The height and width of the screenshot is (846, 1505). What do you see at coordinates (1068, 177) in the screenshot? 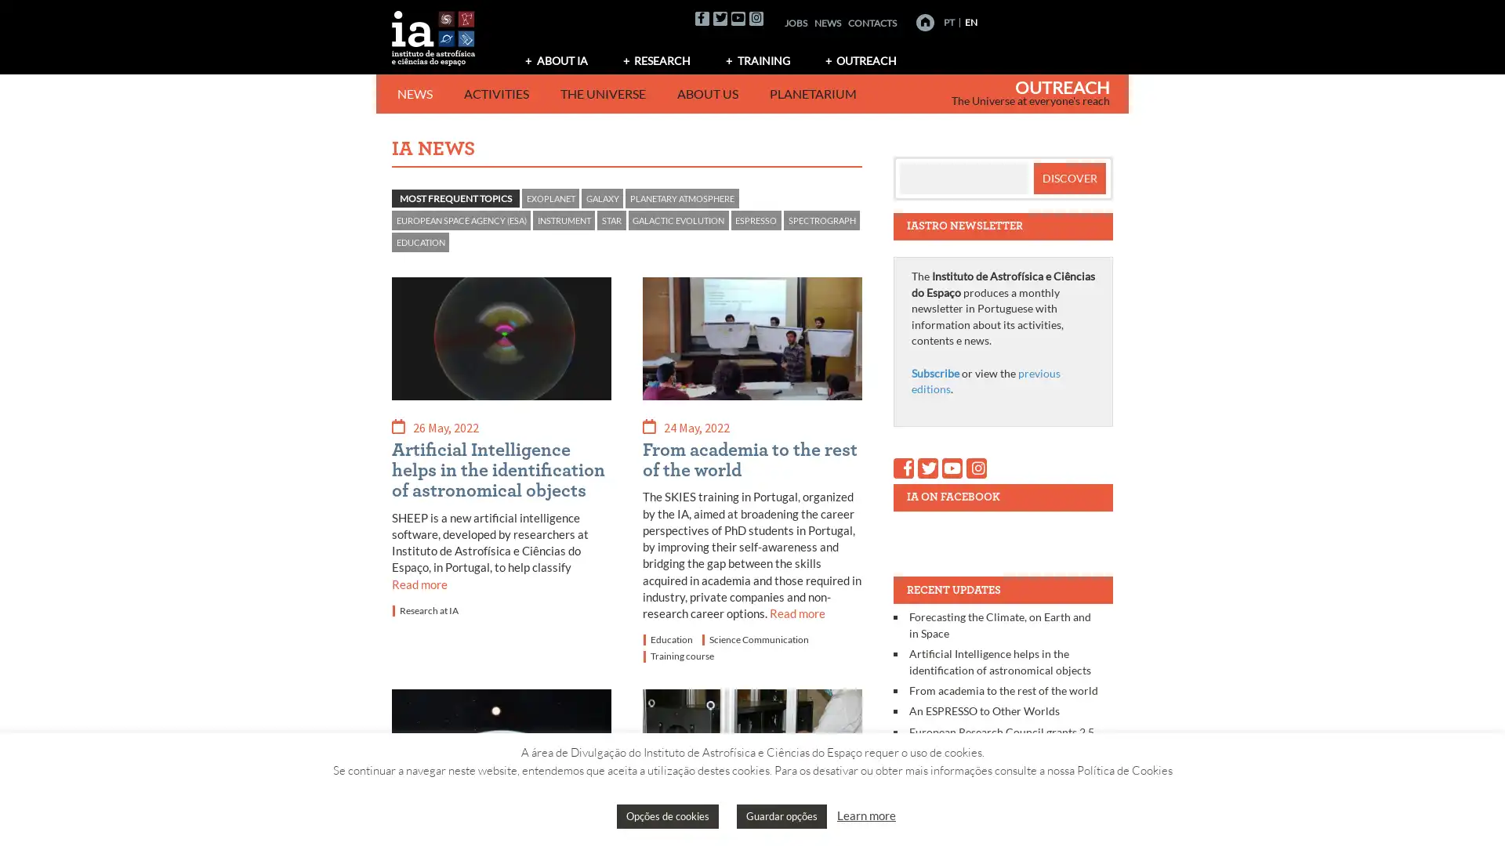
I see `Discover` at bounding box center [1068, 177].